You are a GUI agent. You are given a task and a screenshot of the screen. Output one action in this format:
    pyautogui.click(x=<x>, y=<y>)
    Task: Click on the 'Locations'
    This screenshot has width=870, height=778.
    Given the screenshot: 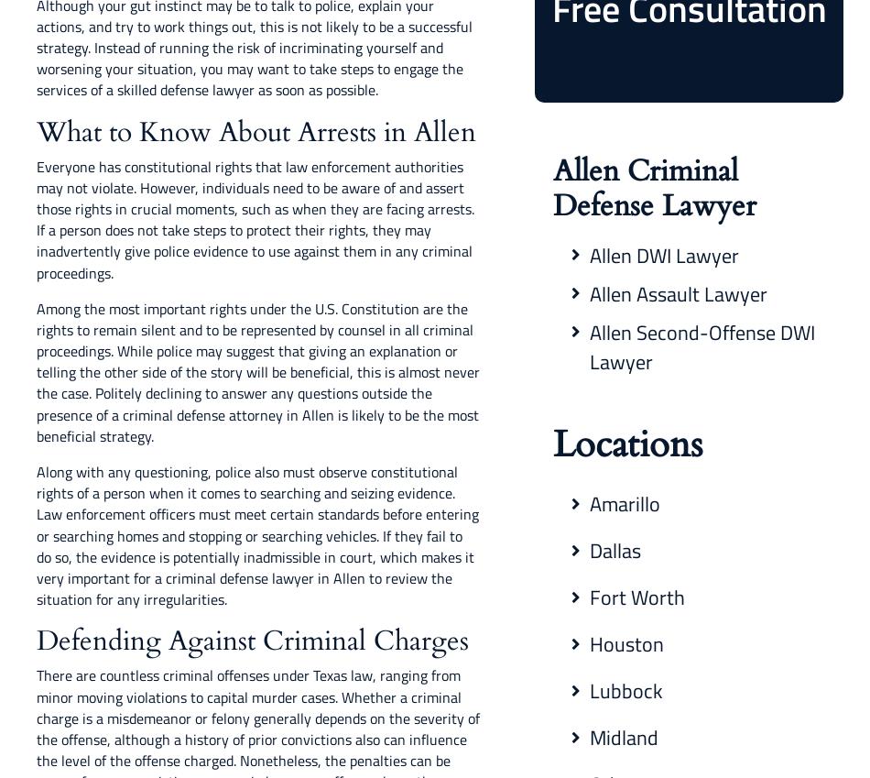 What is the action you would take?
    pyautogui.click(x=627, y=444)
    